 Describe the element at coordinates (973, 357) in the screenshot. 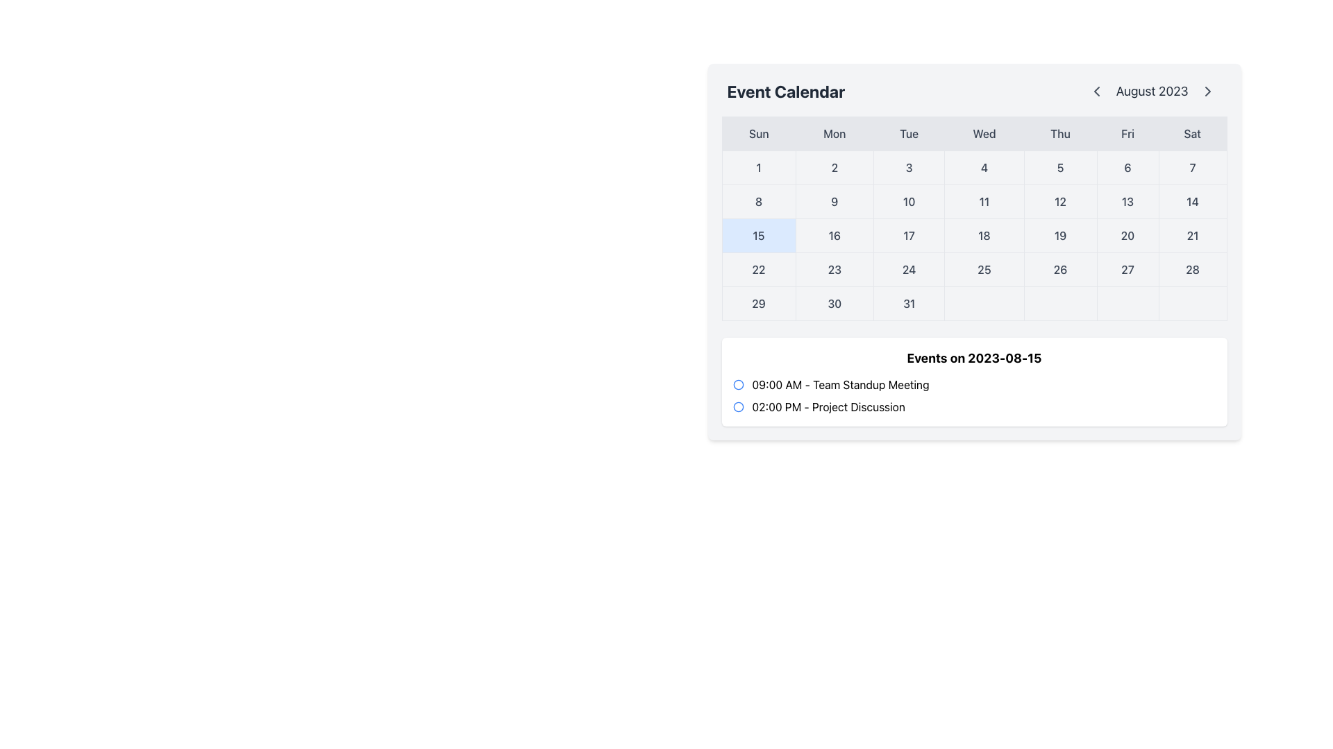

I see `the header text that reads 'Events on 2023-08-15', which is bold and larger than the surrounding text, located within a white panel beneath the calendar interface` at that location.